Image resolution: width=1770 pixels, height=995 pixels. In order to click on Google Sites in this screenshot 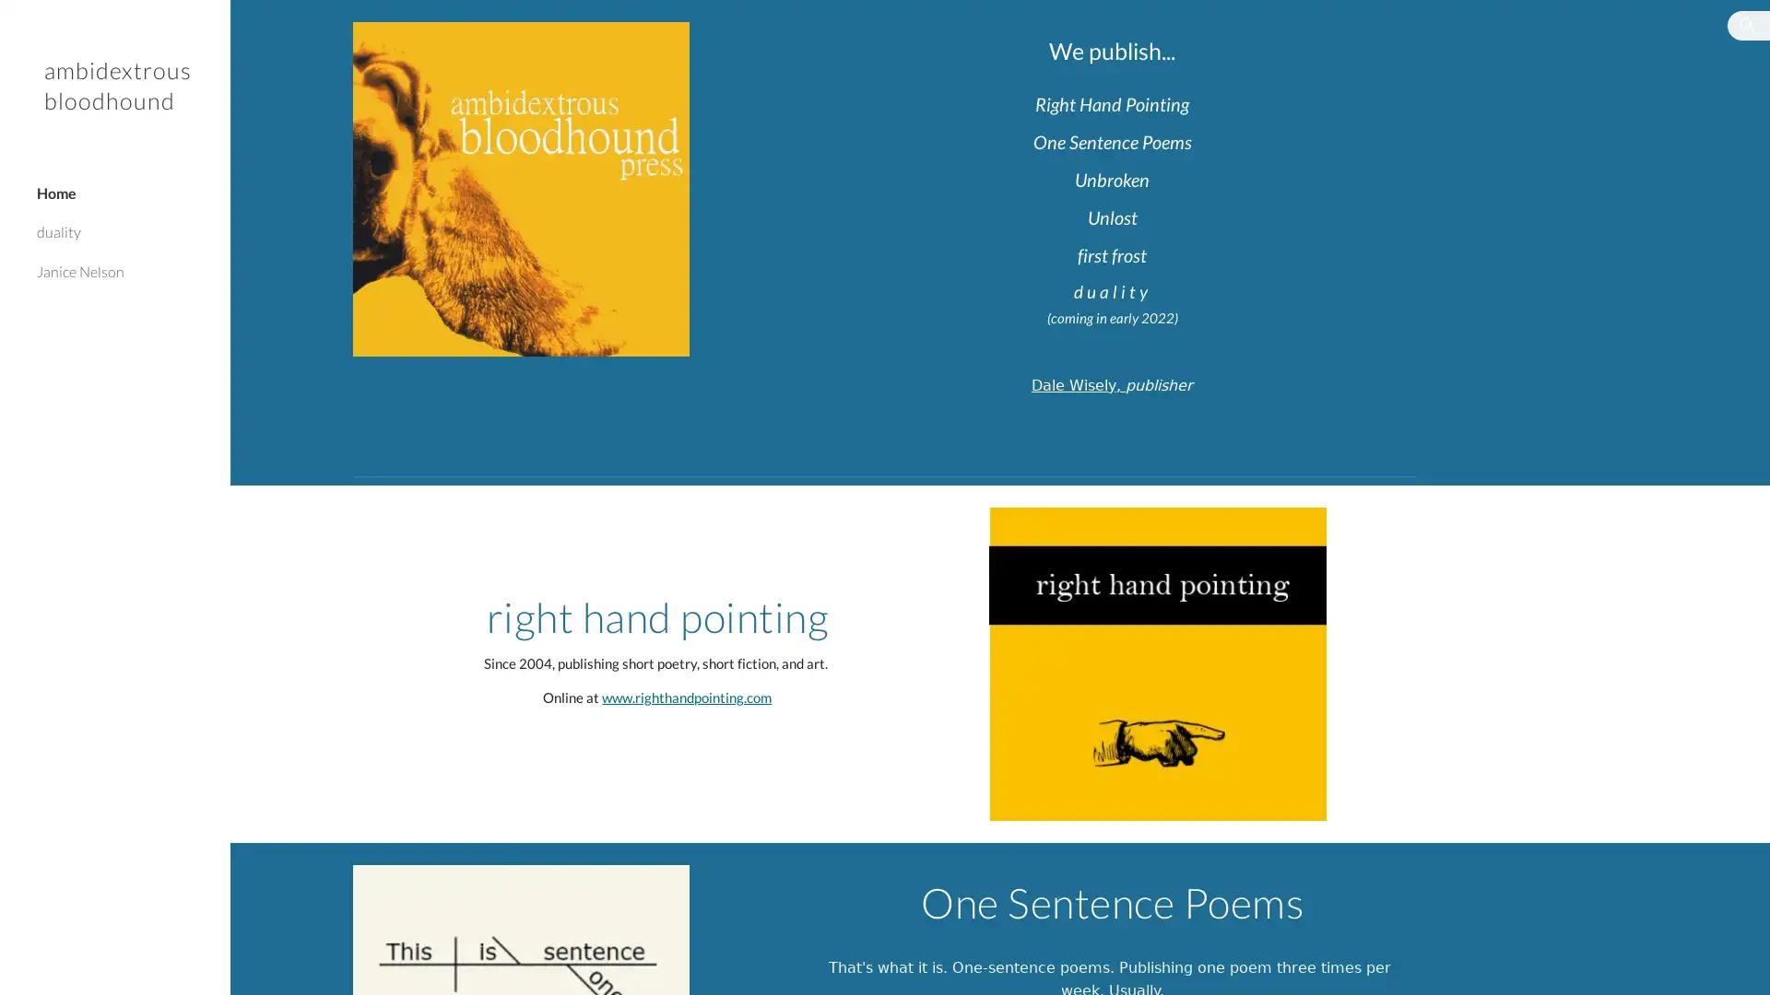, I will do `click(320, 962)`.